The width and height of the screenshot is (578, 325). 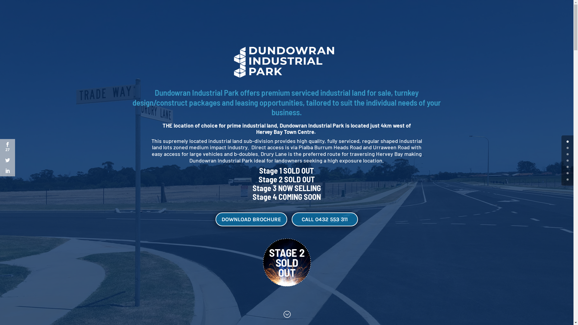 I want to click on '0', so click(x=567, y=141).